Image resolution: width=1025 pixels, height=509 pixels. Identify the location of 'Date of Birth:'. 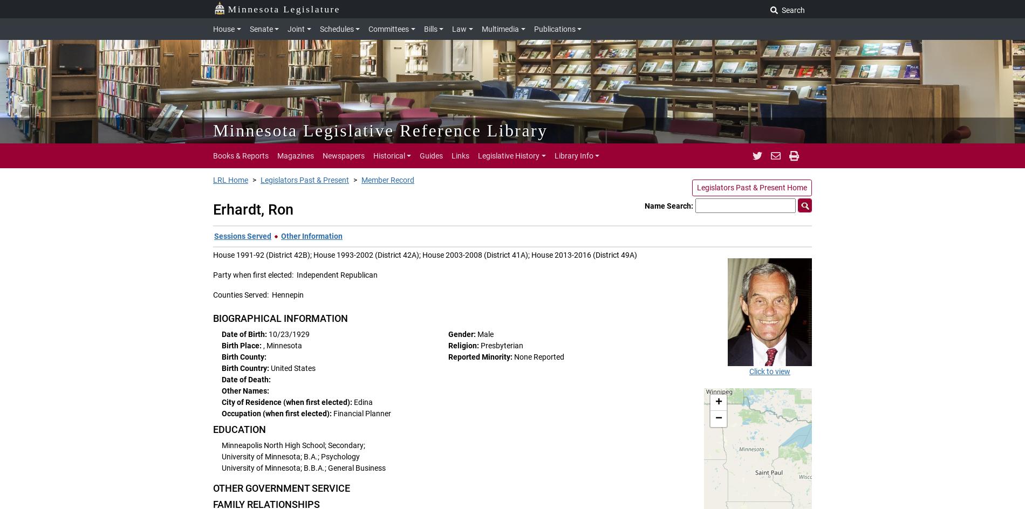
(244, 334).